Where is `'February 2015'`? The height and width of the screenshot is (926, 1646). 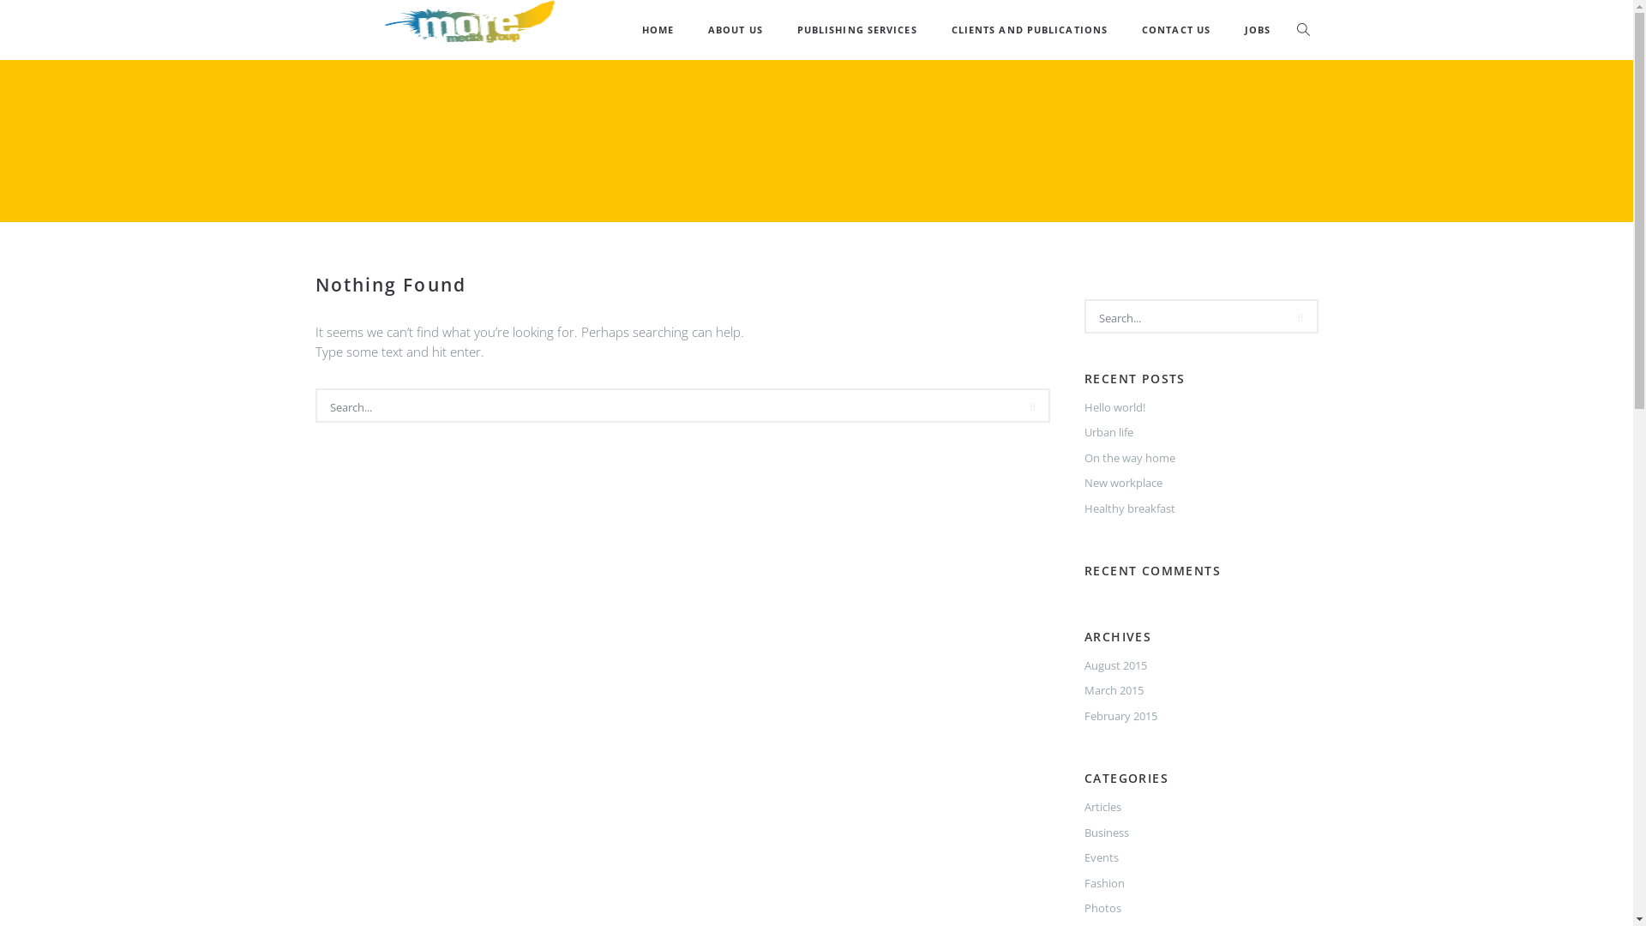
'February 2015' is located at coordinates (1120, 715).